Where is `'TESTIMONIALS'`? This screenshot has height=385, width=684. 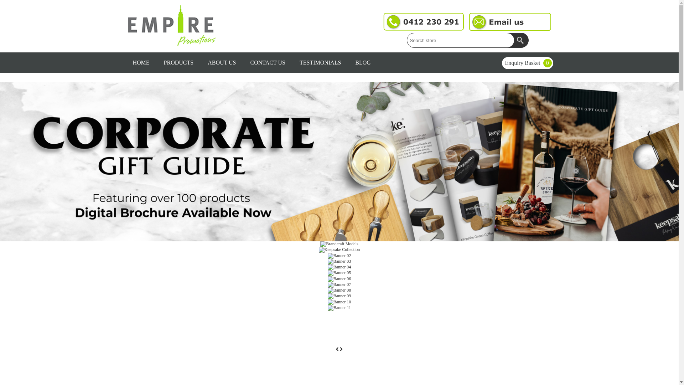
'TESTIMONIALS' is located at coordinates (320, 62).